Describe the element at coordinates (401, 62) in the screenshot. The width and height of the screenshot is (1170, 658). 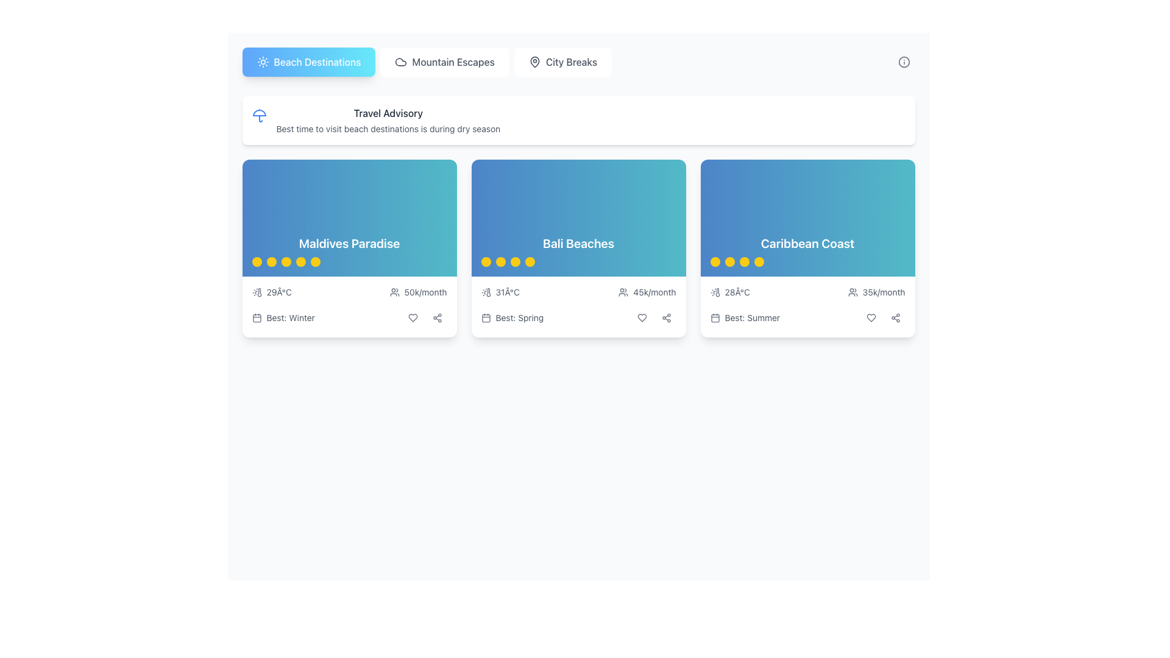
I see `the cloud icon located within the 'Mountain Escapes' button to reference the button for further actions` at that location.